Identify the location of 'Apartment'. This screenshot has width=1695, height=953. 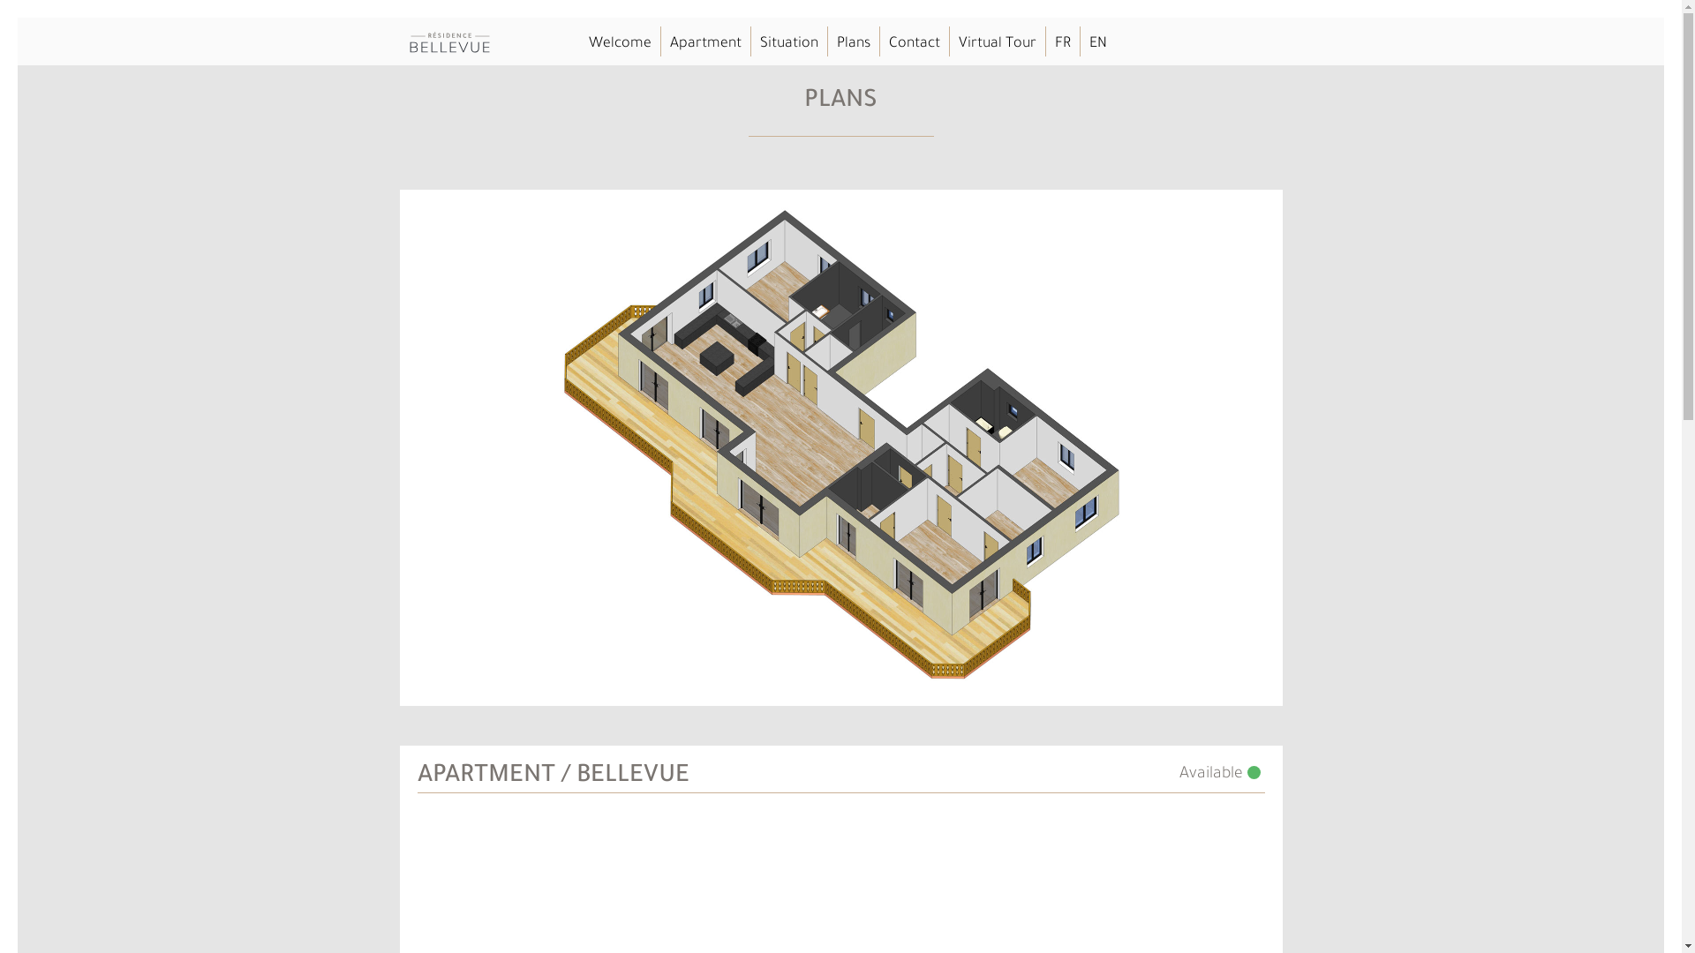
(668, 43).